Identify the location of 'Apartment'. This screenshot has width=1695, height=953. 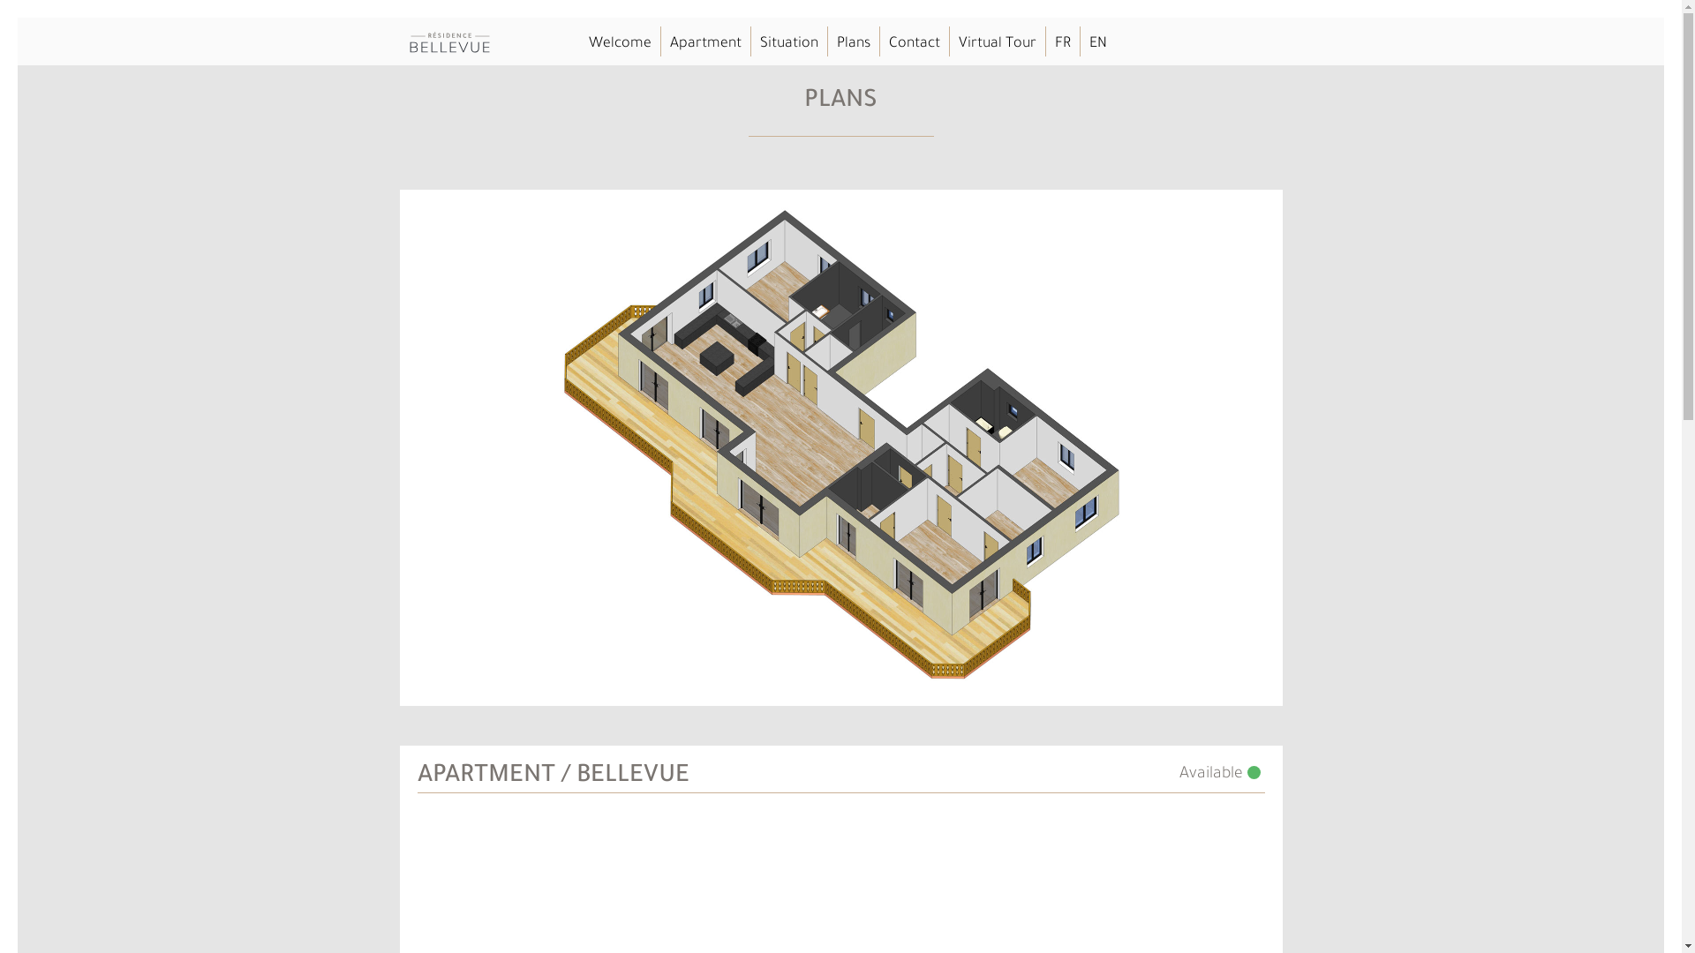
(668, 43).